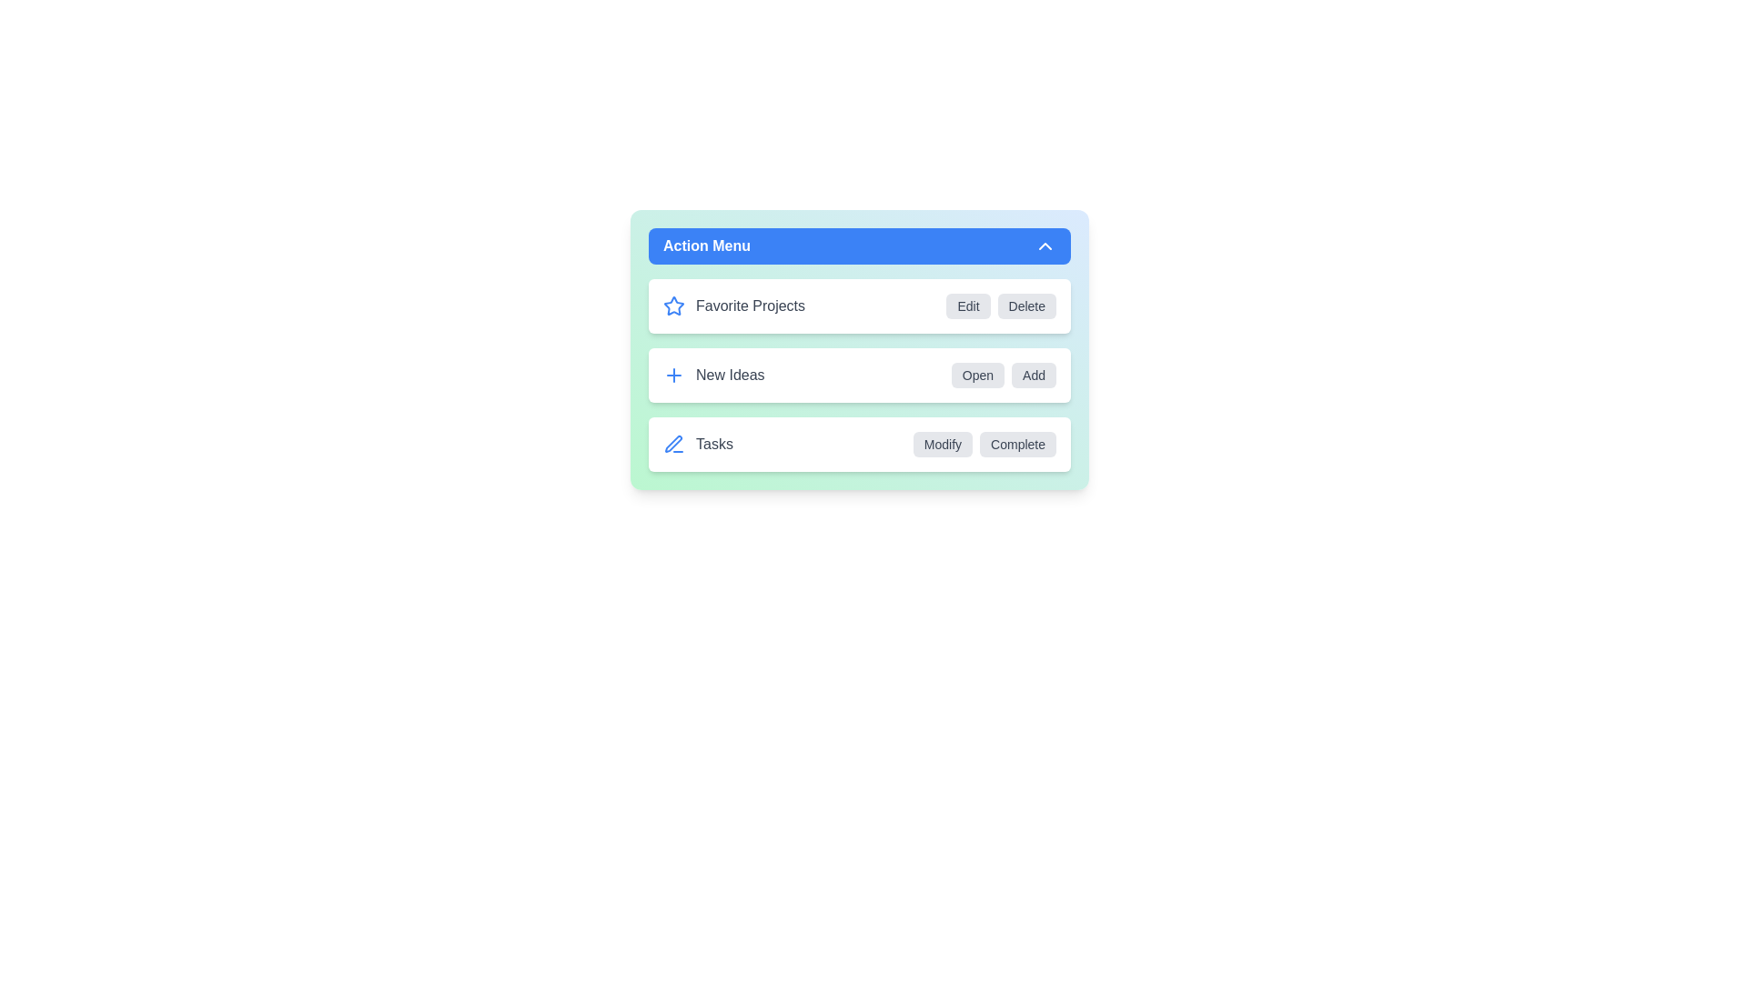 This screenshot has height=982, width=1747. Describe the element at coordinates (943, 445) in the screenshot. I see `the action button labeled Modify for the item Tasks` at that location.